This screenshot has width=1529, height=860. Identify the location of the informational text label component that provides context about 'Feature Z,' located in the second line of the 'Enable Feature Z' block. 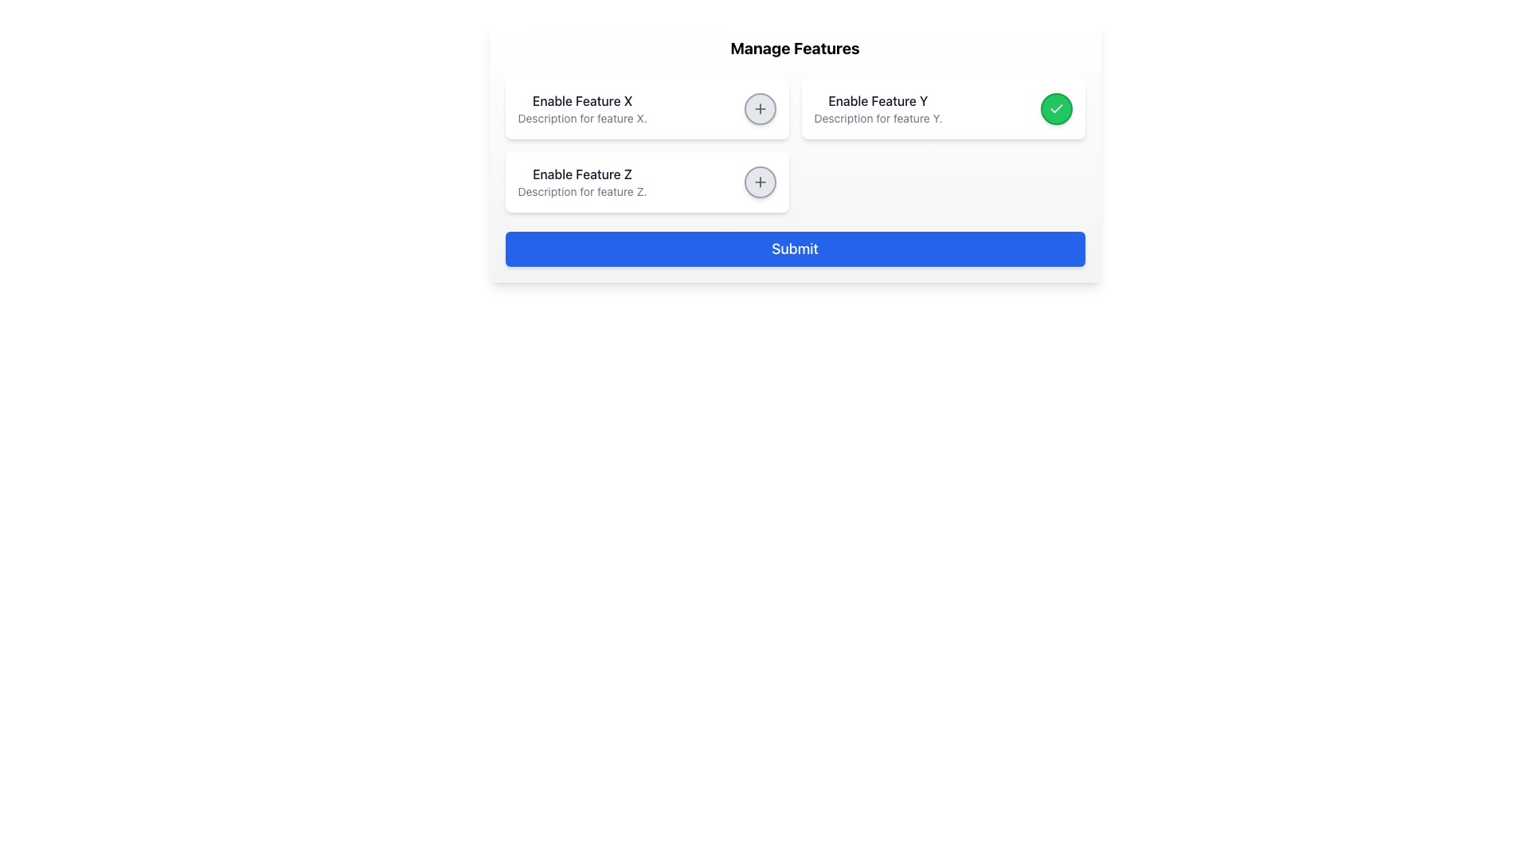
(581, 190).